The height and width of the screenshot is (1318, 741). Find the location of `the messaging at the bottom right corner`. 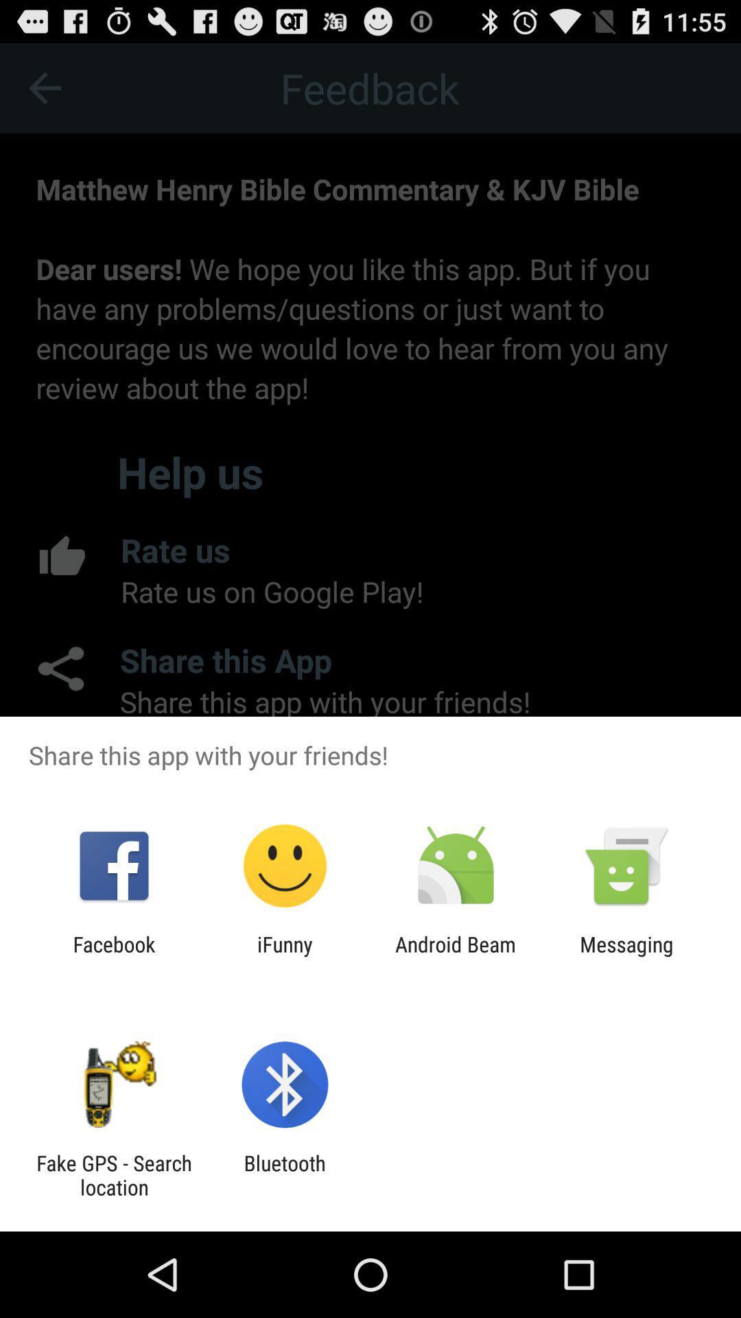

the messaging at the bottom right corner is located at coordinates (626, 956).